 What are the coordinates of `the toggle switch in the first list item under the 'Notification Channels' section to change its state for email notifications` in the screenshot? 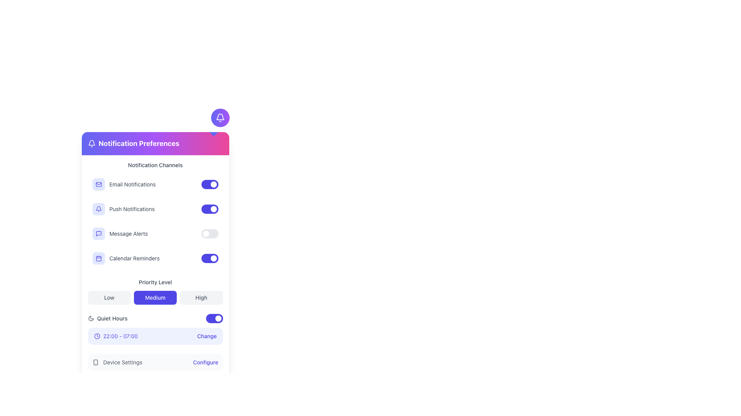 It's located at (155, 184).